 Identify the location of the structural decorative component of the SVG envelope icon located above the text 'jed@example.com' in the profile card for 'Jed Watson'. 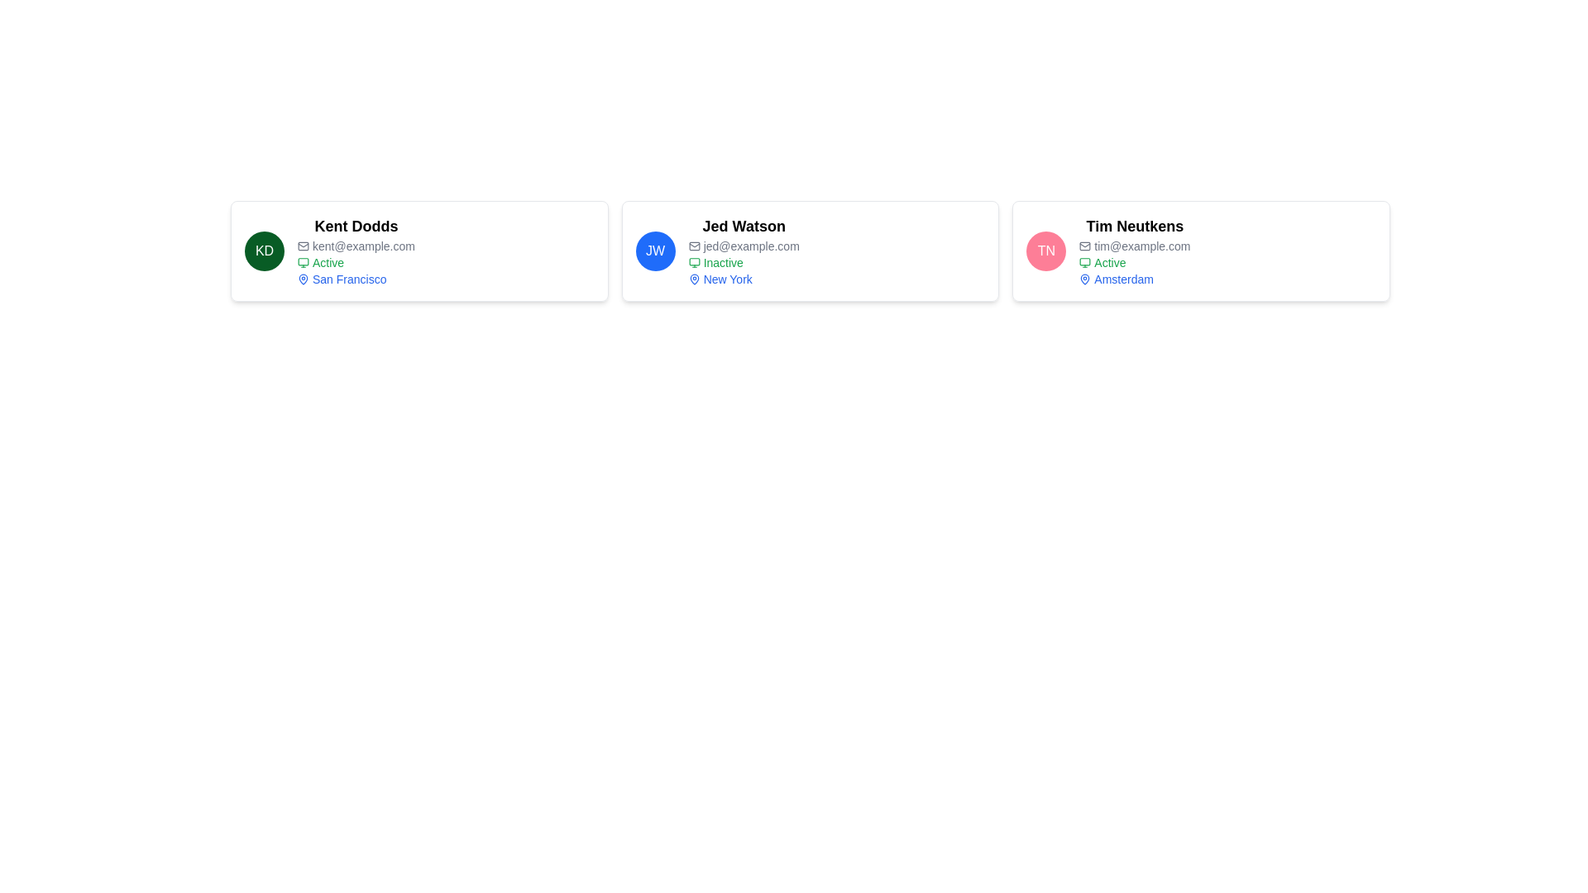
(694, 246).